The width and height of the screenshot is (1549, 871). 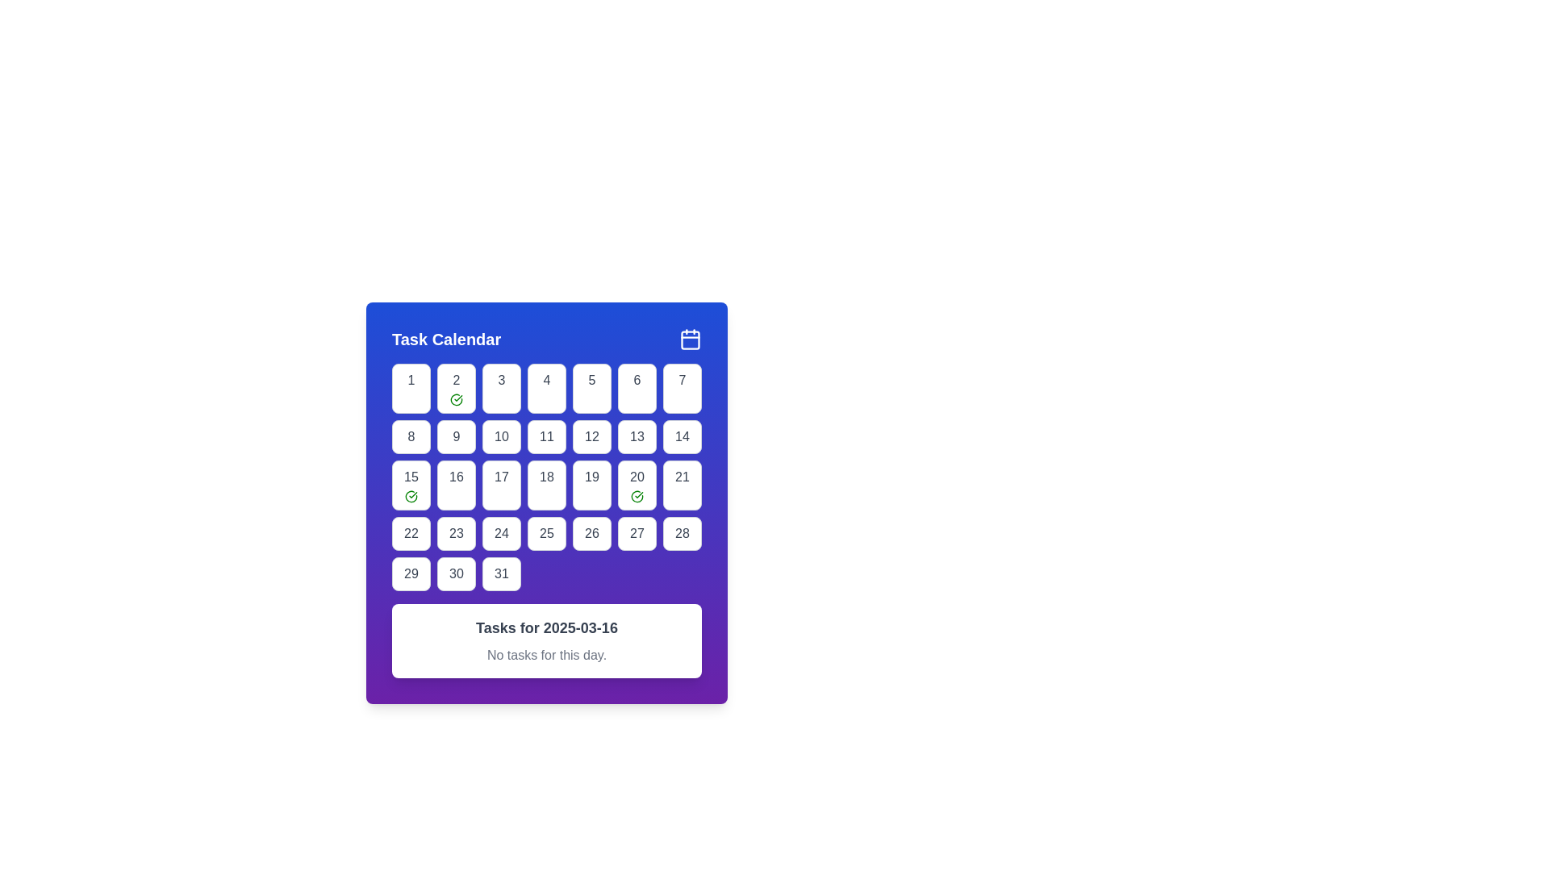 What do you see at coordinates (501, 573) in the screenshot?
I see `the text label '31' in the calendar interface, located in the last row and third column of the grid layout` at bounding box center [501, 573].